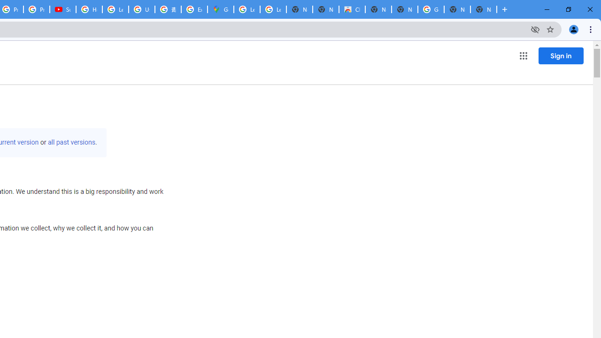 The width and height of the screenshot is (601, 338). I want to click on 'Chrome Web Store', so click(352, 9).